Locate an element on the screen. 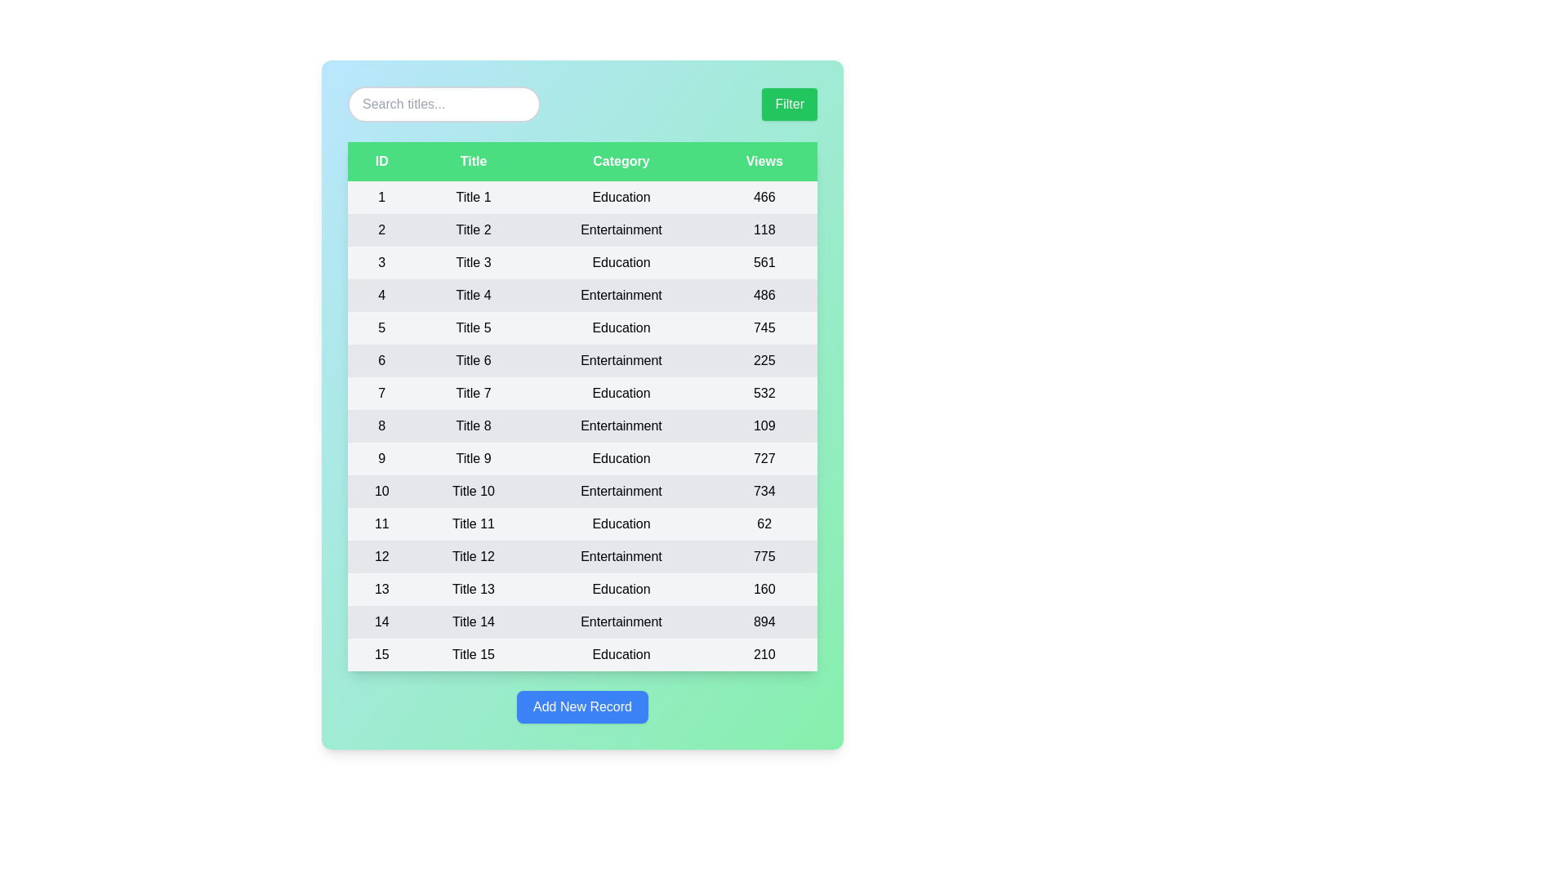 This screenshot has width=1568, height=882. 'Filter' button to apply filters is located at coordinates (789, 104).